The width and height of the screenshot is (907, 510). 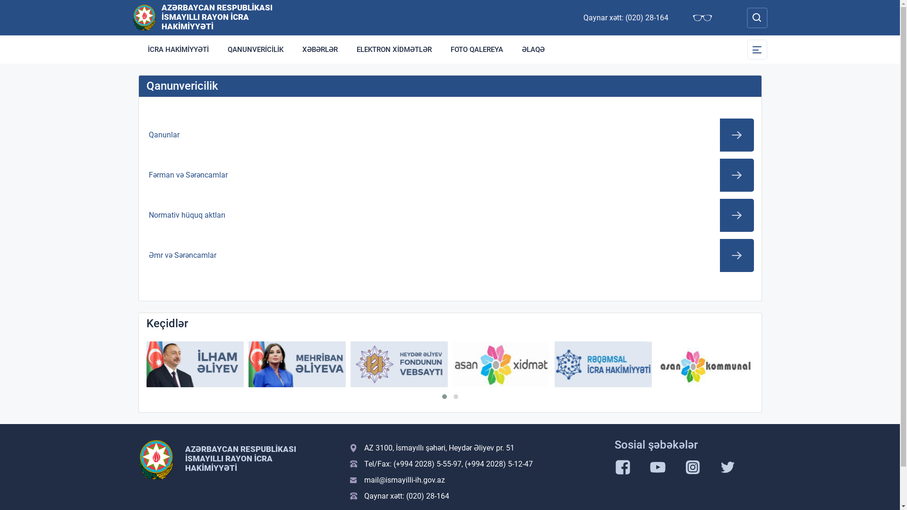 I want to click on 'Asan komunal', so click(x=656, y=364).